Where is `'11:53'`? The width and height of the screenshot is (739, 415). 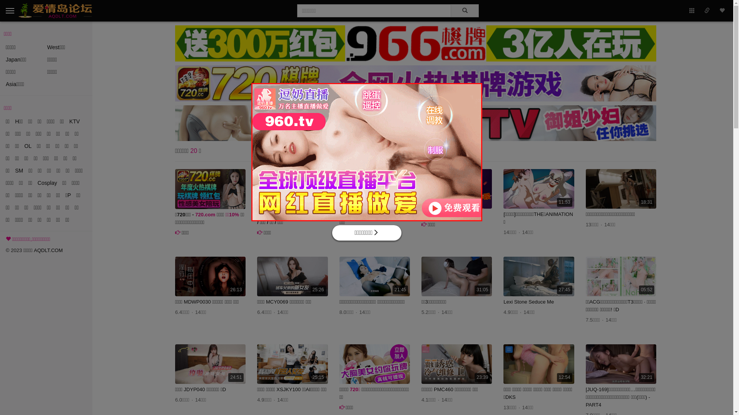 '11:53' is located at coordinates (538, 189).